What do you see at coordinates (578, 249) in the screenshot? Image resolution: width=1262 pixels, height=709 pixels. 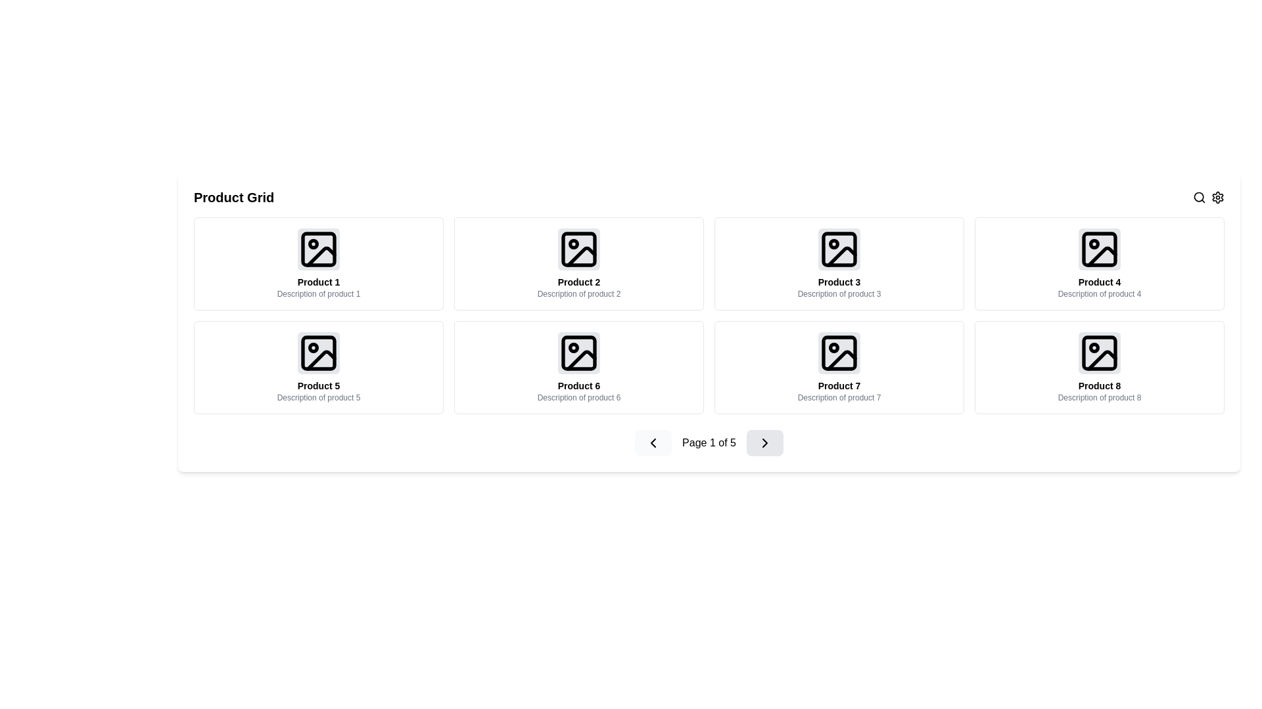 I see `the visual decorative element of the second product's image icon in the grid layout, located at the top row, second column` at bounding box center [578, 249].